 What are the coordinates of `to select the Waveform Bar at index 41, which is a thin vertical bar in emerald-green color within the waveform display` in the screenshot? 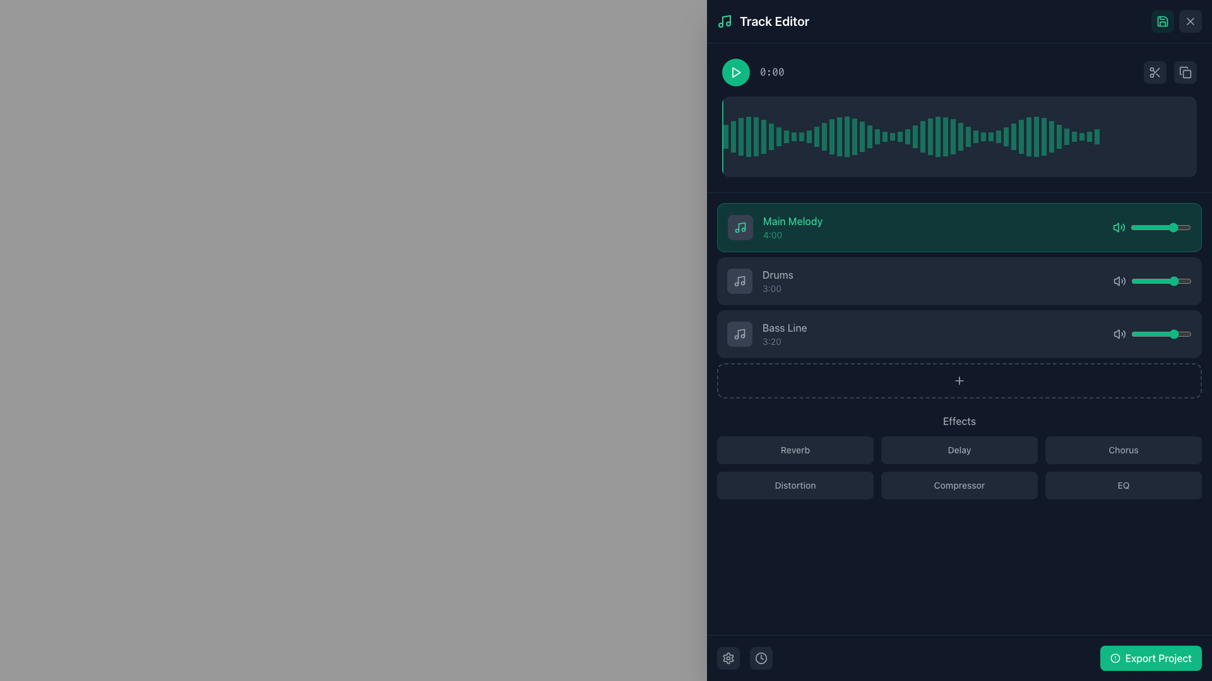 It's located at (1044, 136).